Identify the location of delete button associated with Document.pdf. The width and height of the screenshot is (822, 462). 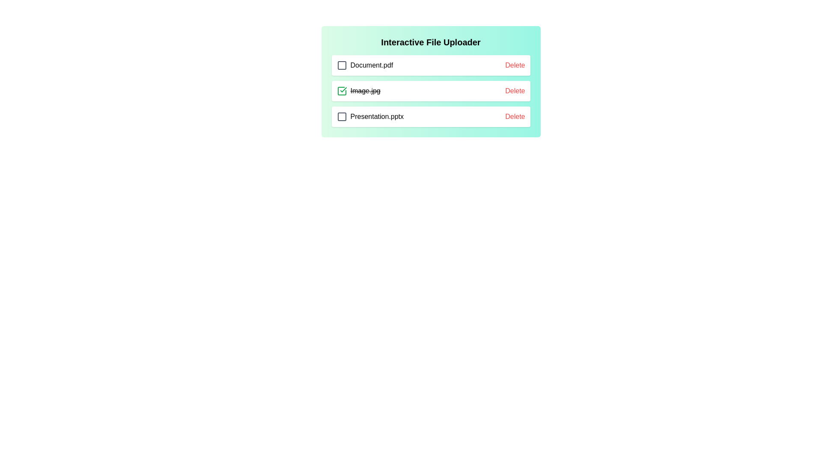
(515, 65).